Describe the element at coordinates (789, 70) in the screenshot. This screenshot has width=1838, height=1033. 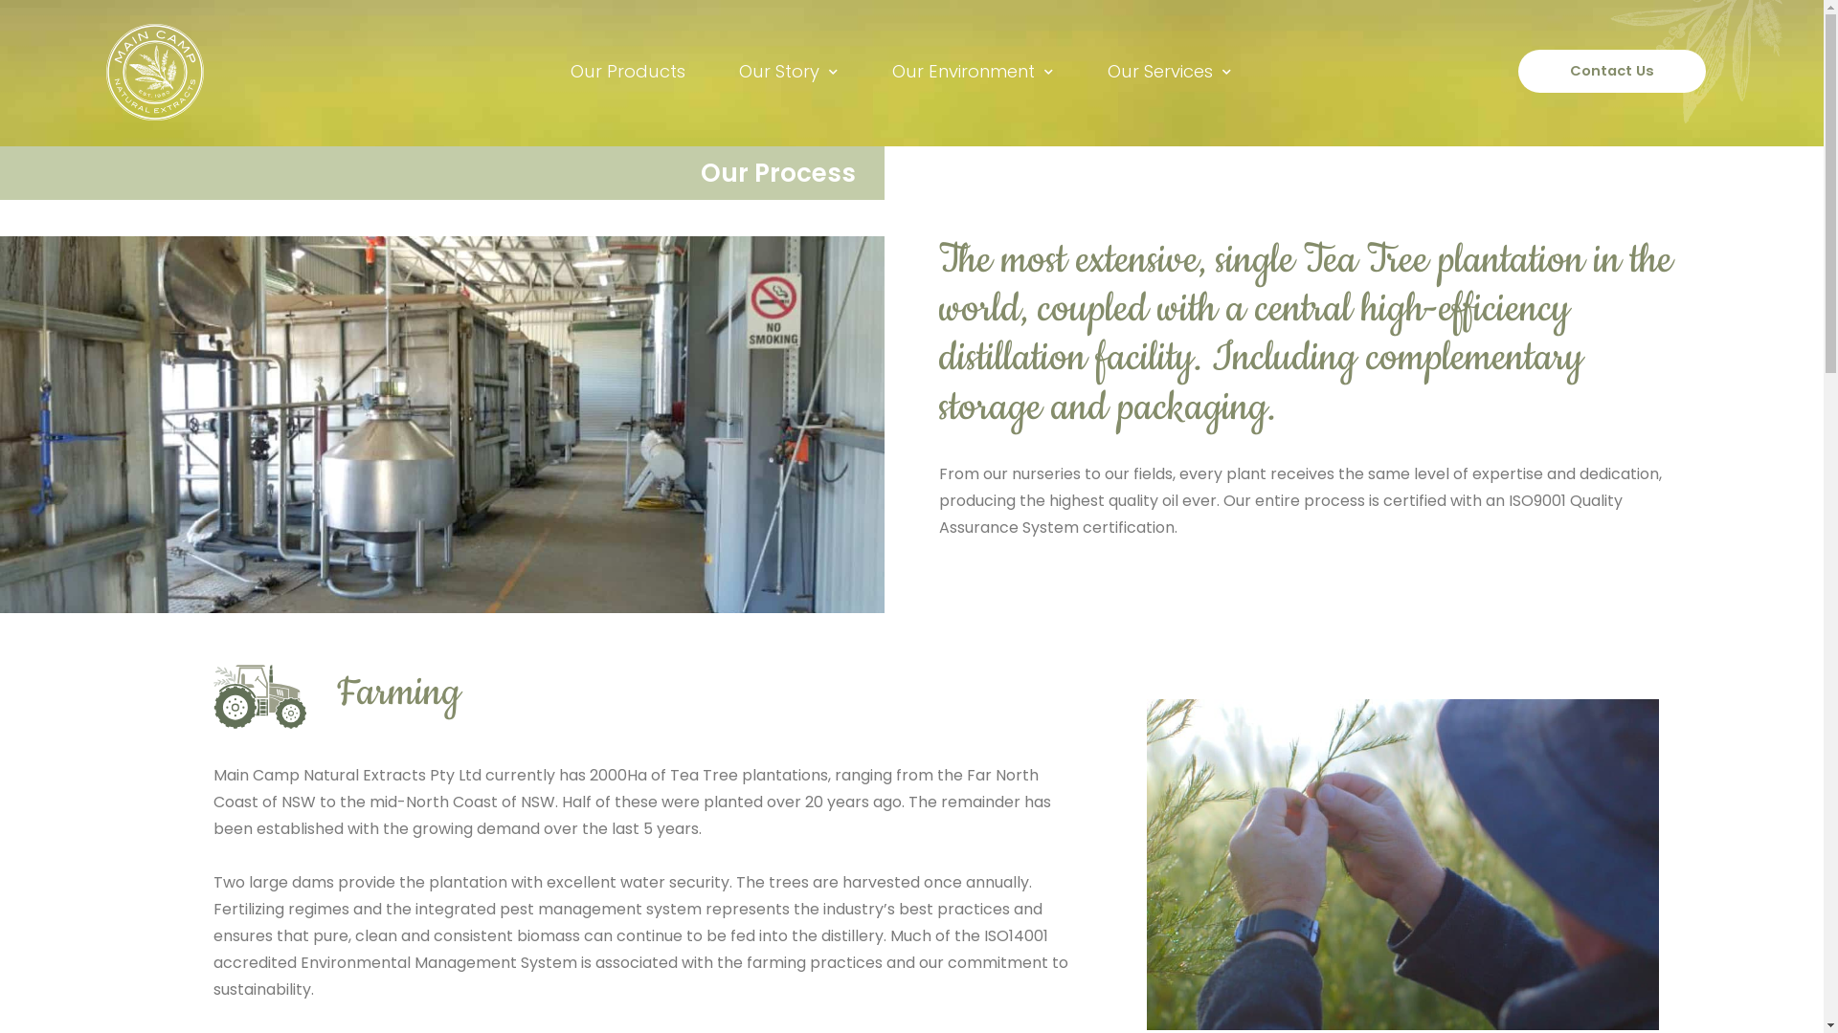
I see `'Our Story'` at that location.